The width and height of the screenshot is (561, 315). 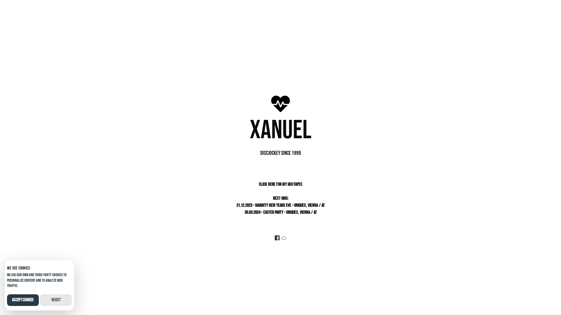 What do you see at coordinates (280, 184) in the screenshot?
I see `'CLICK HERE FOR MY MIX-TAPES'` at bounding box center [280, 184].